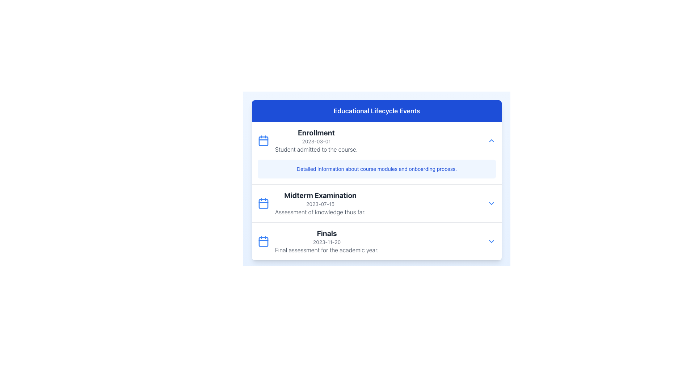 Image resolution: width=695 pixels, height=391 pixels. Describe the element at coordinates (492, 241) in the screenshot. I see `the blue downward-facing chevron icon button located at the rightmost end of the 'Finals' section for additional information` at that location.